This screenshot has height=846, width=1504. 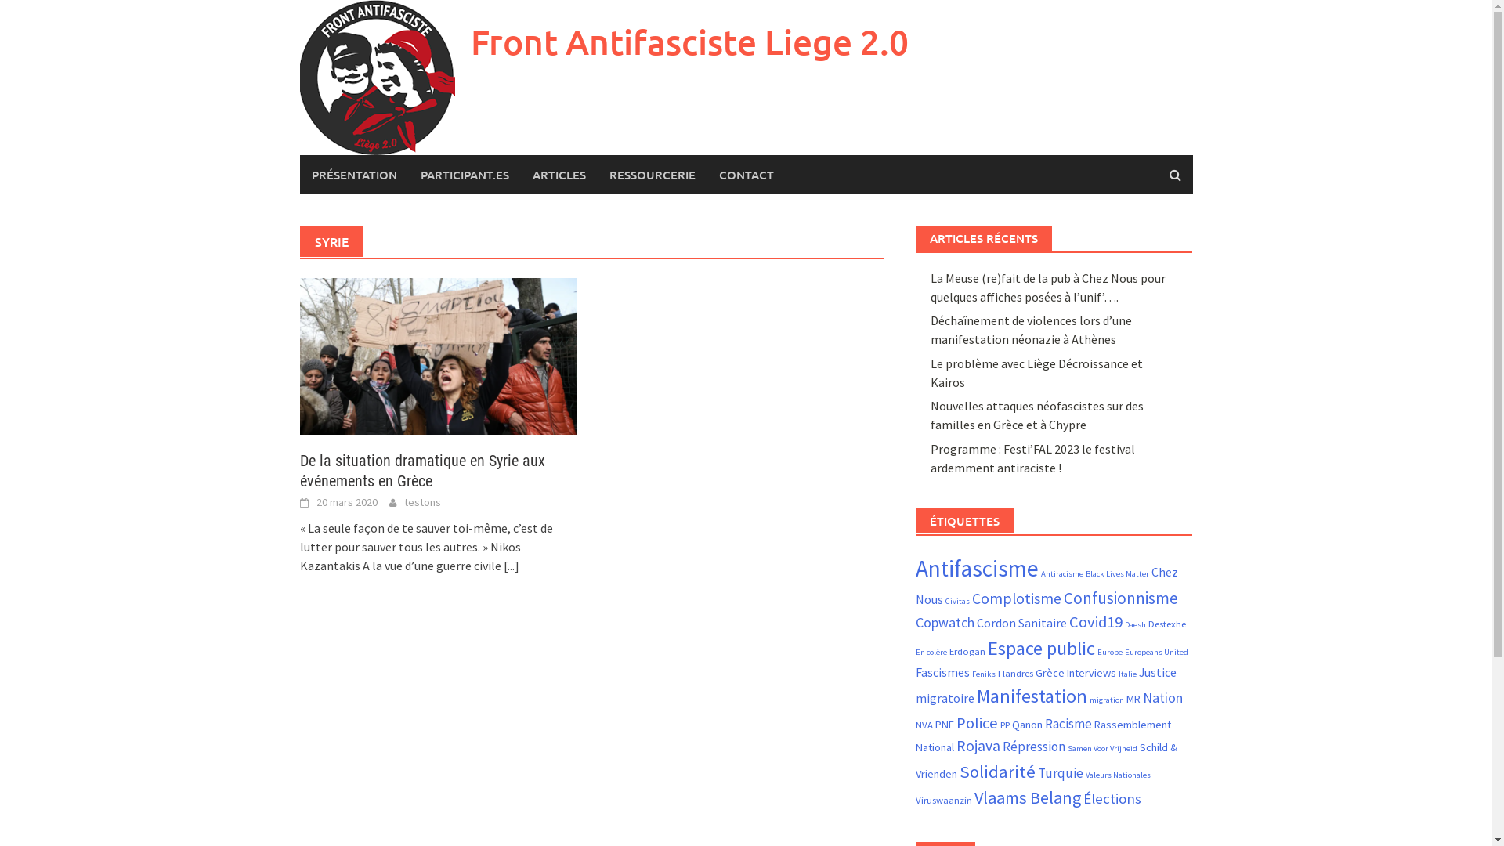 What do you see at coordinates (1162, 696) in the screenshot?
I see `'Nation'` at bounding box center [1162, 696].